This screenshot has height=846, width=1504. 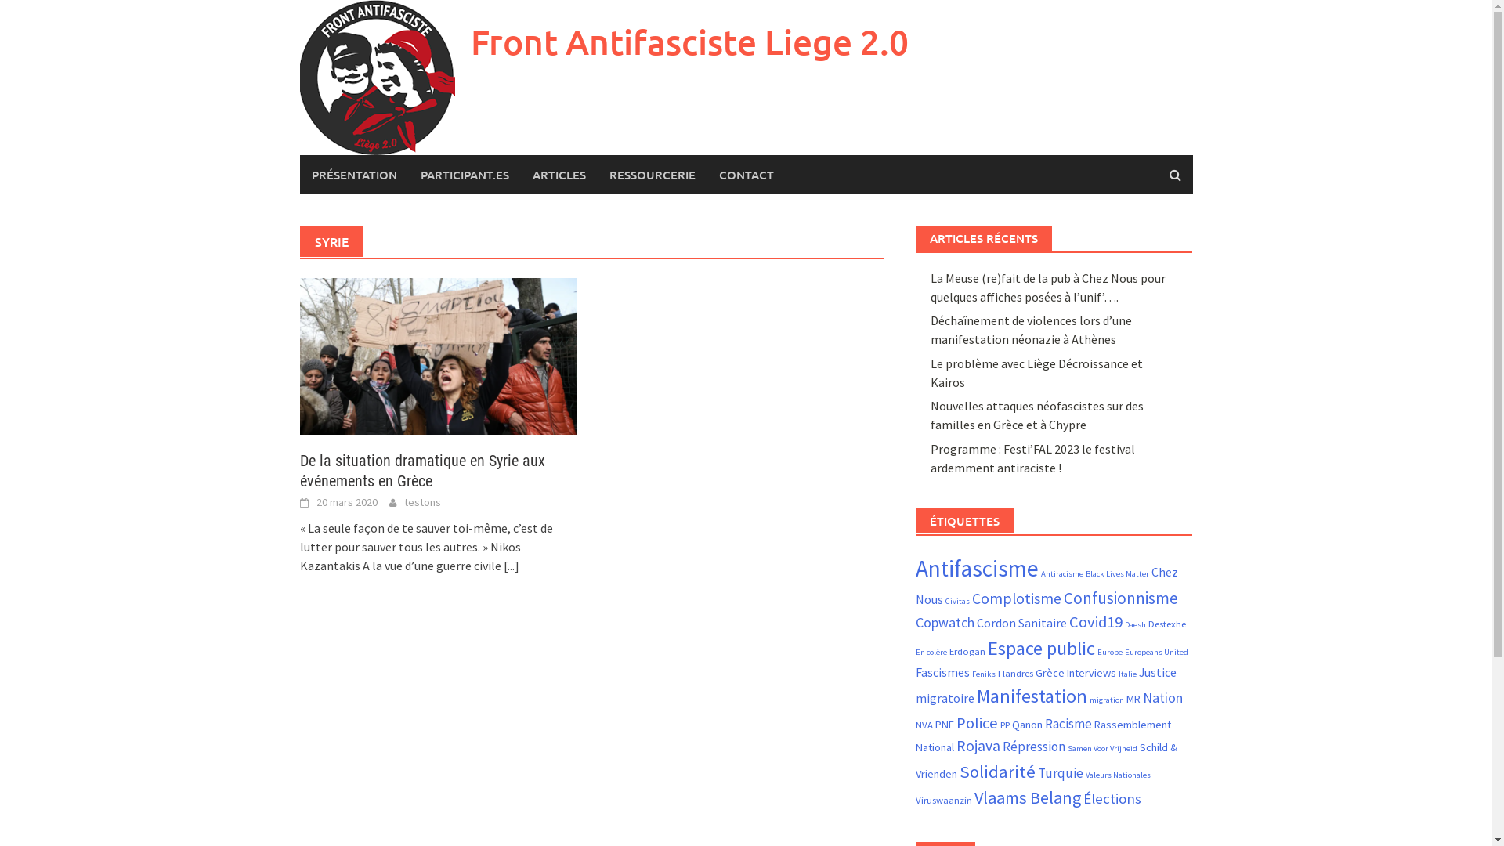 What do you see at coordinates (1162, 696) in the screenshot?
I see `'Nation'` at bounding box center [1162, 696].